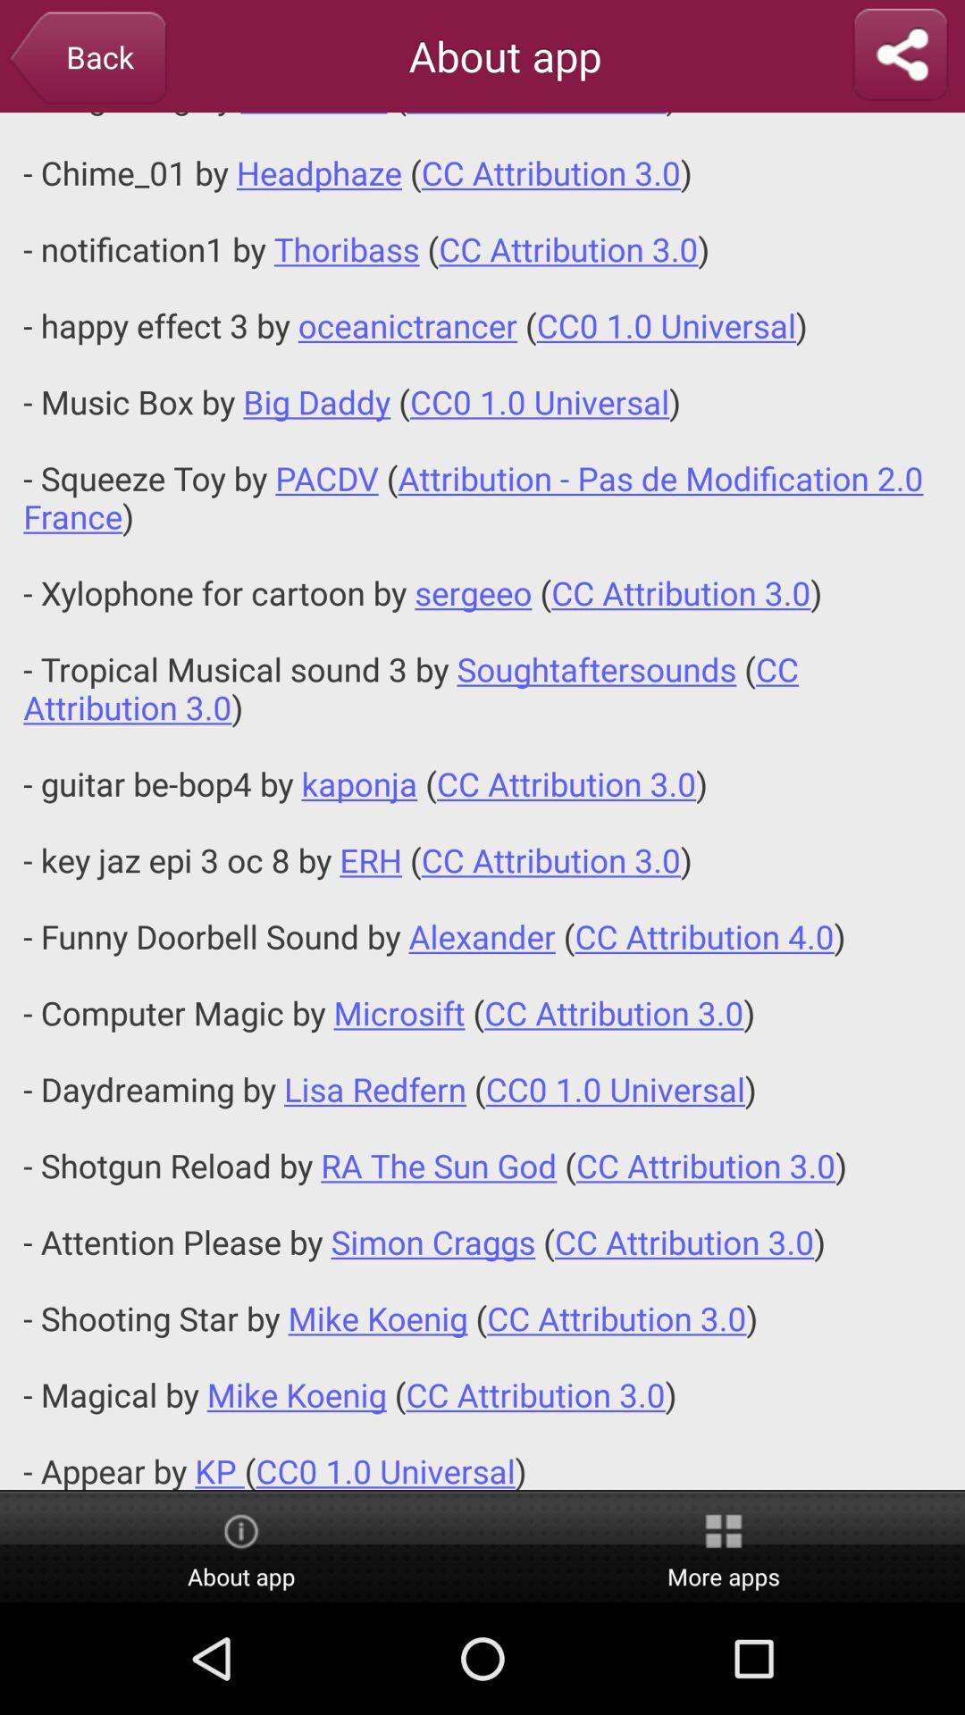 The height and width of the screenshot is (1715, 965). I want to click on item above the desk bell sound icon, so click(87, 59).